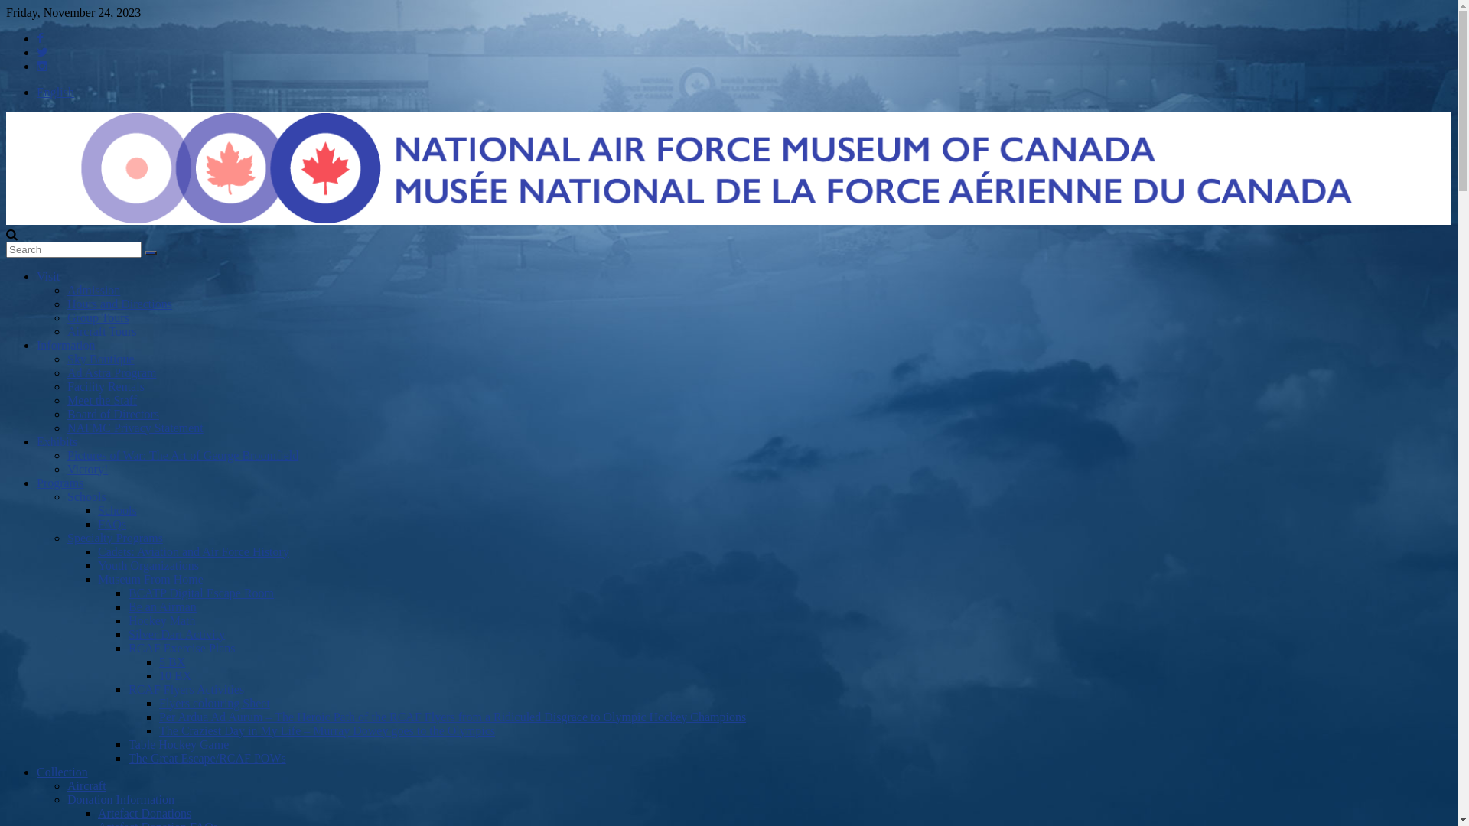 This screenshot has height=826, width=1469. I want to click on 'English', so click(37, 92).